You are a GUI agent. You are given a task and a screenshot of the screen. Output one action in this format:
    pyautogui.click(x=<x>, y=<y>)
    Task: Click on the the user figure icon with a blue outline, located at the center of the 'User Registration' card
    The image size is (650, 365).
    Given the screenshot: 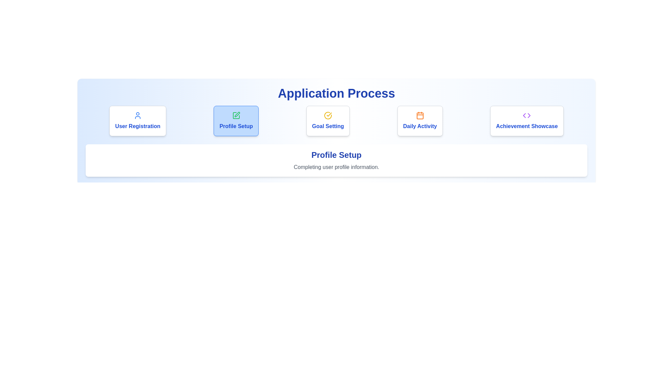 What is the action you would take?
    pyautogui.click(x=137, y=115)
    